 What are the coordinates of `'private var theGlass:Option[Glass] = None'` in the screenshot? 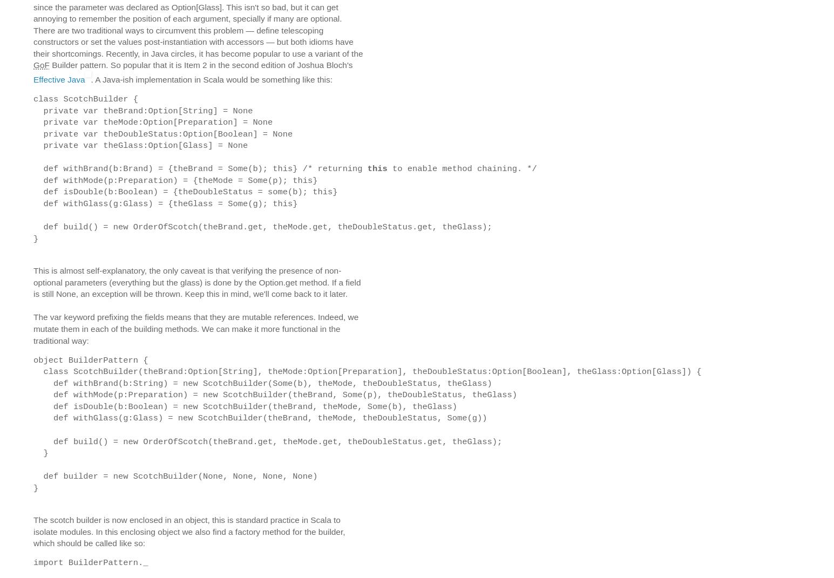 It's located at (140, 145).